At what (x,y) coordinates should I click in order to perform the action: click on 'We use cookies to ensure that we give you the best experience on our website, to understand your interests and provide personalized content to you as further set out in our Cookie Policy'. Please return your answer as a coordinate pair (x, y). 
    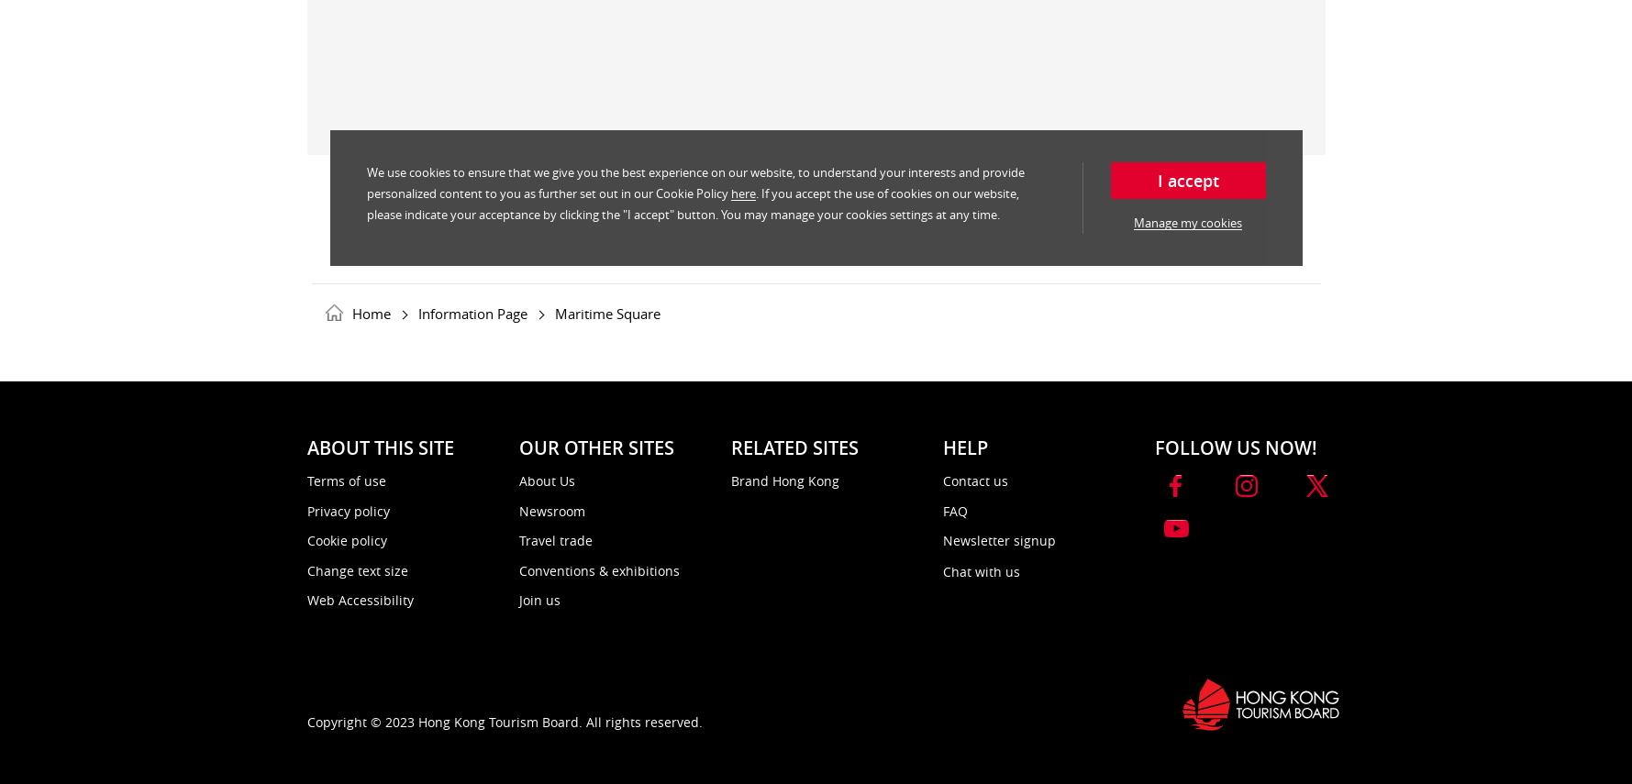
    Looking at the image, I should click on (694, 182).